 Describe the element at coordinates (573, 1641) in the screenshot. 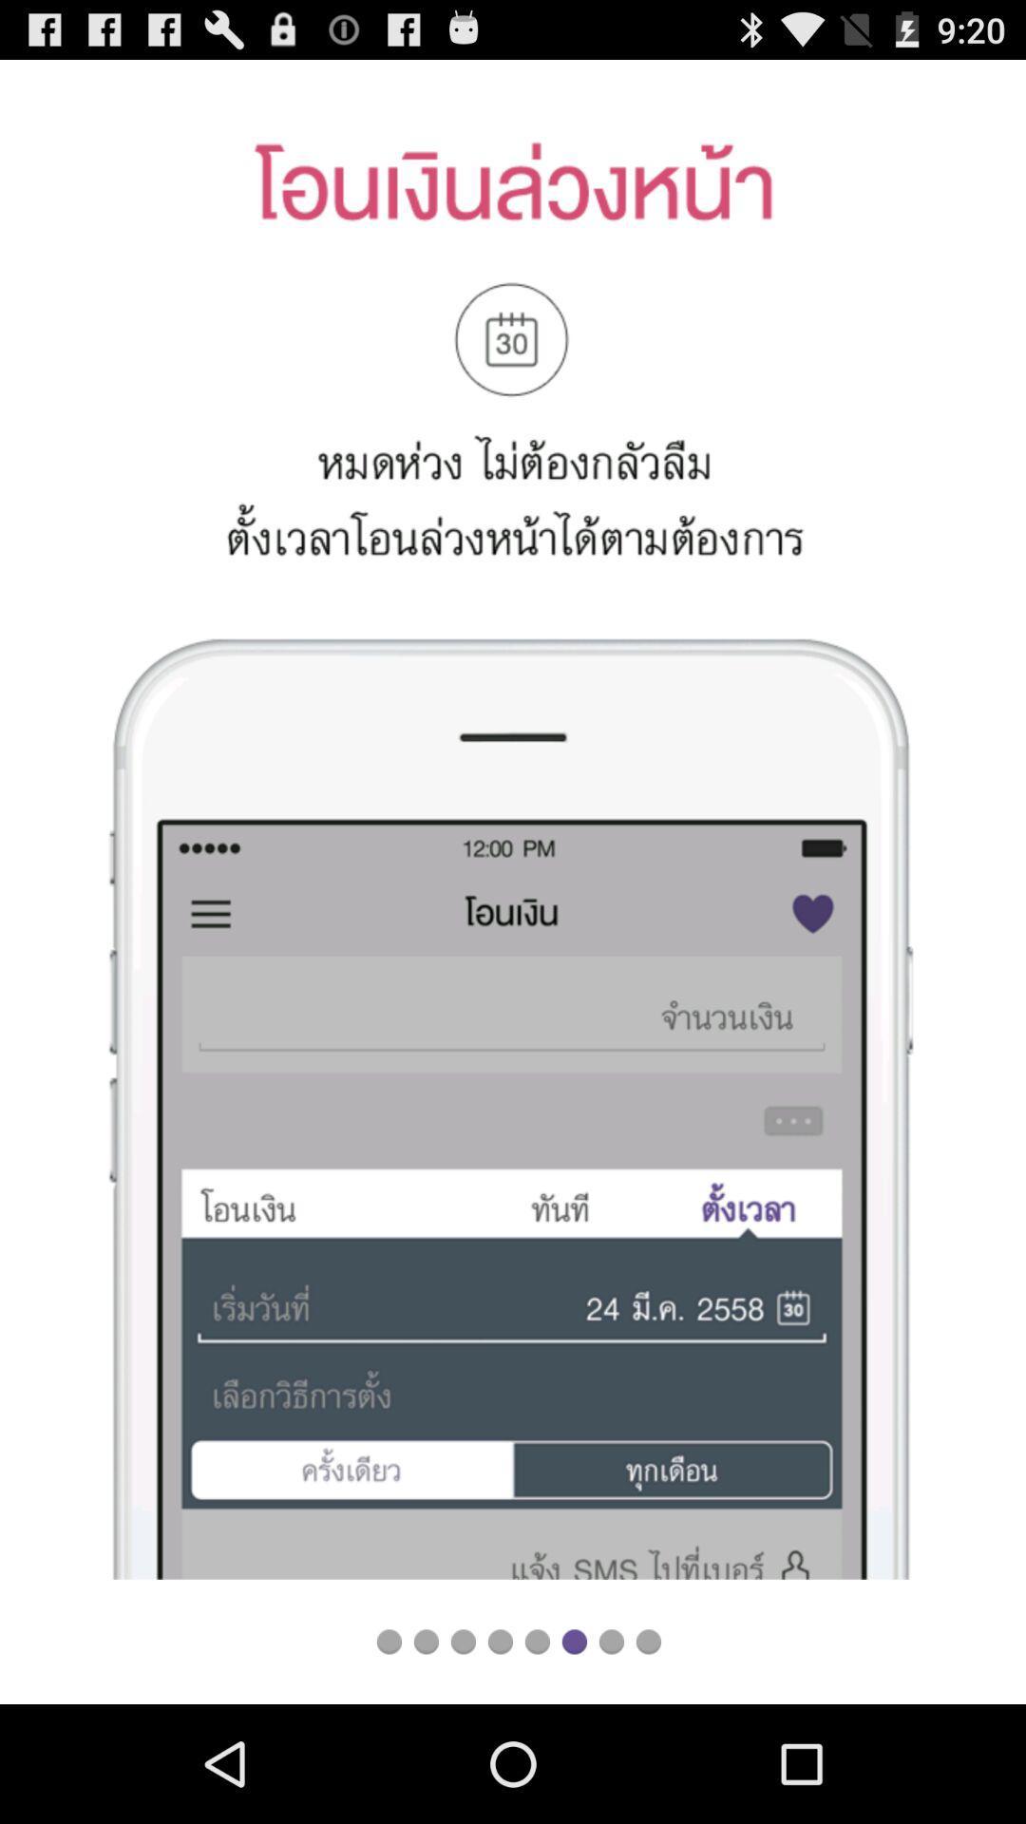

I see `move to next page` at that location.